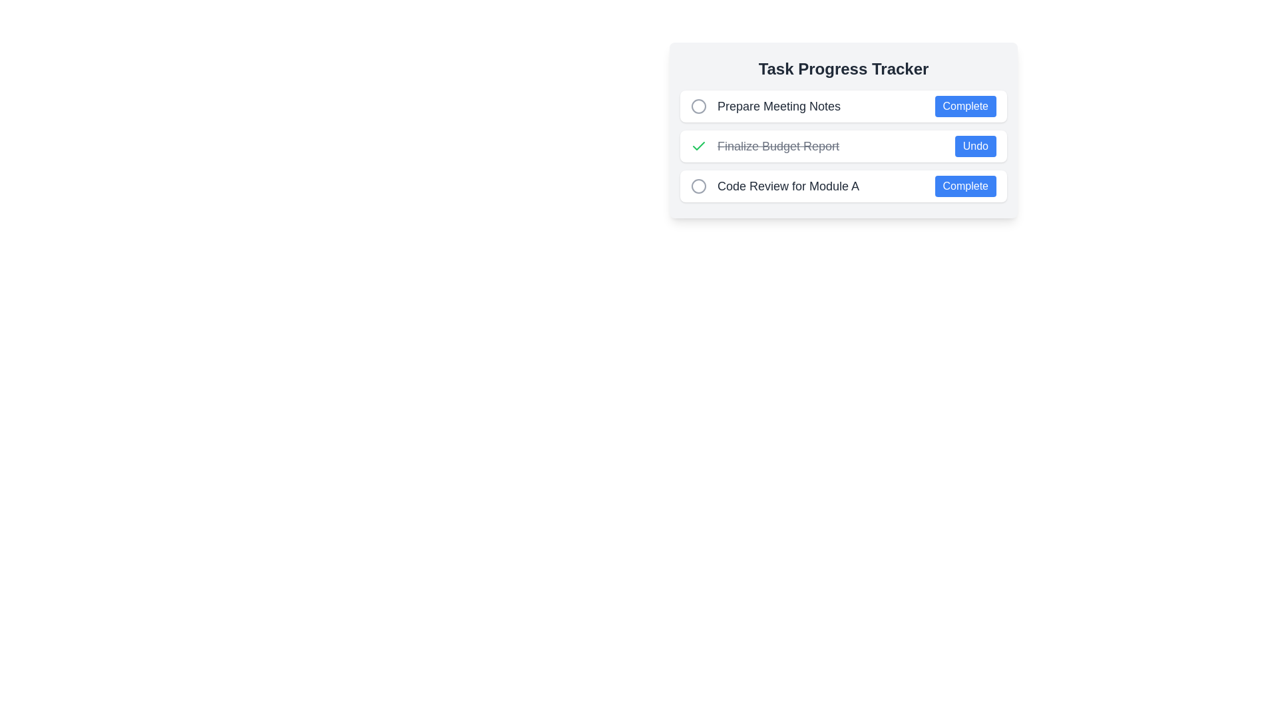 This screenshot has width=1278, height=719. Describe the element at coordinates (965, 105) in the screenshot. I see `the 'Complete' button with a blue background and white text located at the far right of the 'Prepare Meeting Notes' row` at that location.